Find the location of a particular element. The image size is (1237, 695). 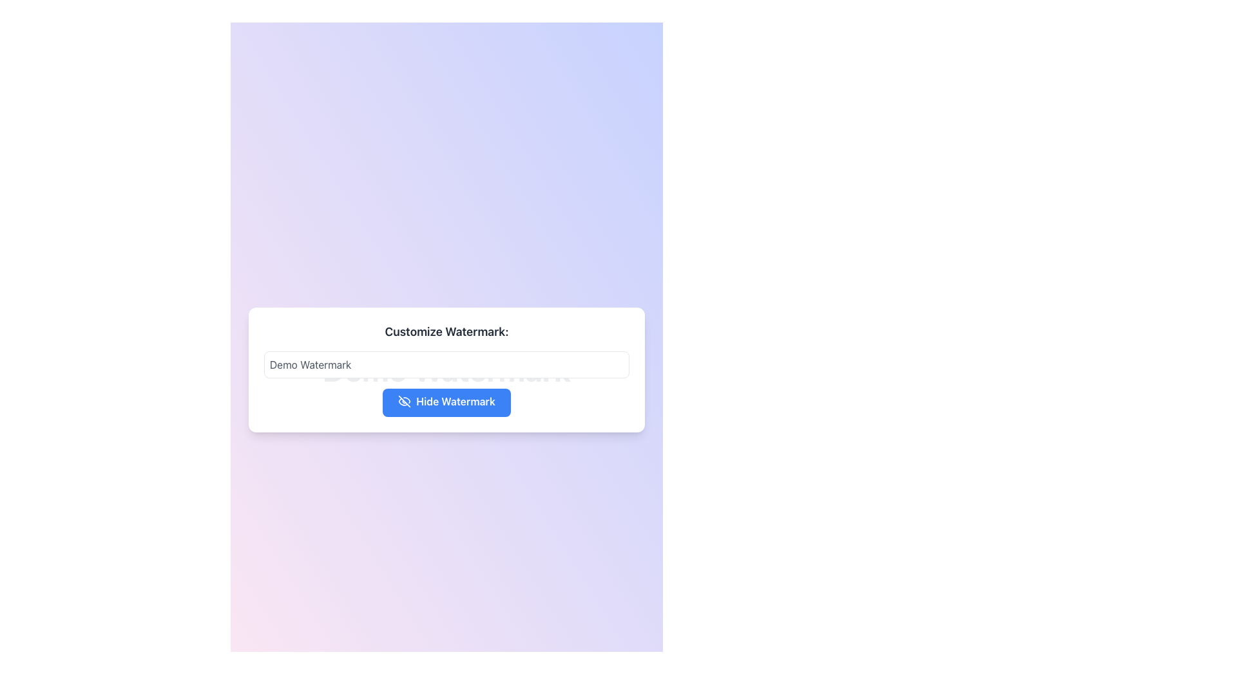

the eye icon with a slash through it, which represents the 'hide' functionality, located to the left of the 'Hide Watermark' text is located at coordinates (404, 401).